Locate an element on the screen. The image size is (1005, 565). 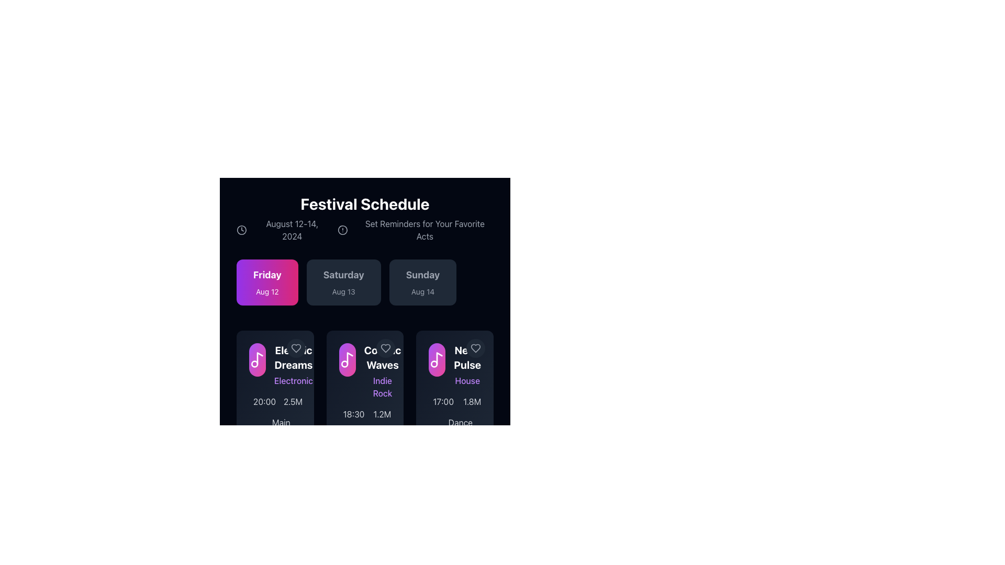
the text label that reads 'Cosmic Waves', which is displayed in large, bold, white font on a black background within the festival schedule UI is located at coordinates (382, 357).